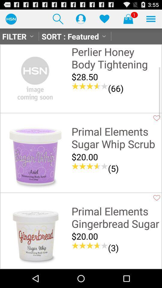 Image resolution: width=162 pixels, height=288 pixels. I want to click on (5) item, so click(113, 168).